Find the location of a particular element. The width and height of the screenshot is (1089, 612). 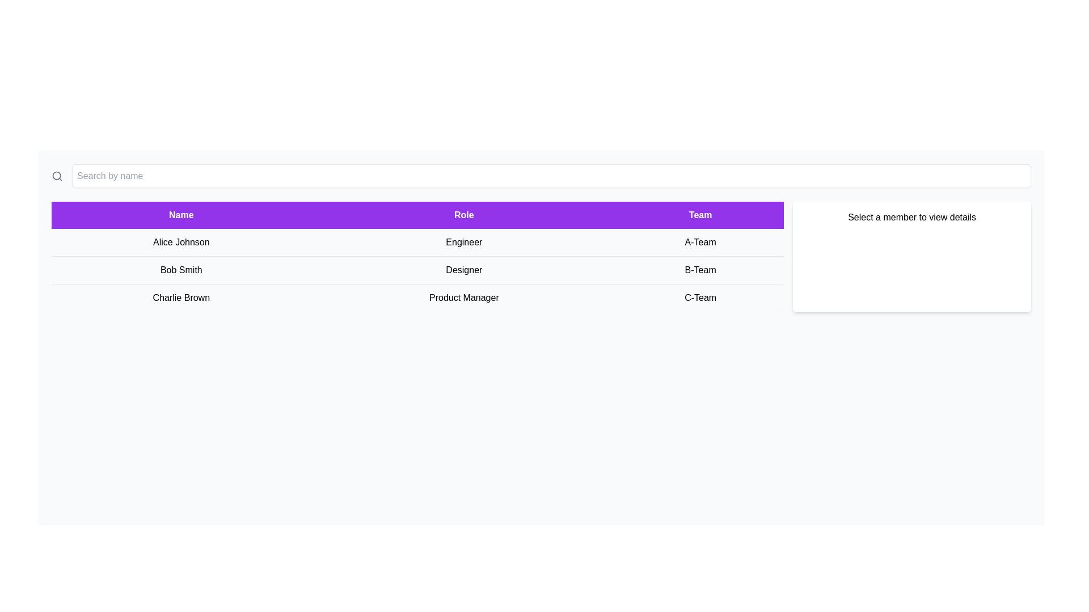

the topmost row in the table containing the name 'Alice Johnson', the role 'Engineer', and the team 'A-Team' to view additional details is located at coordinates (417, 242).